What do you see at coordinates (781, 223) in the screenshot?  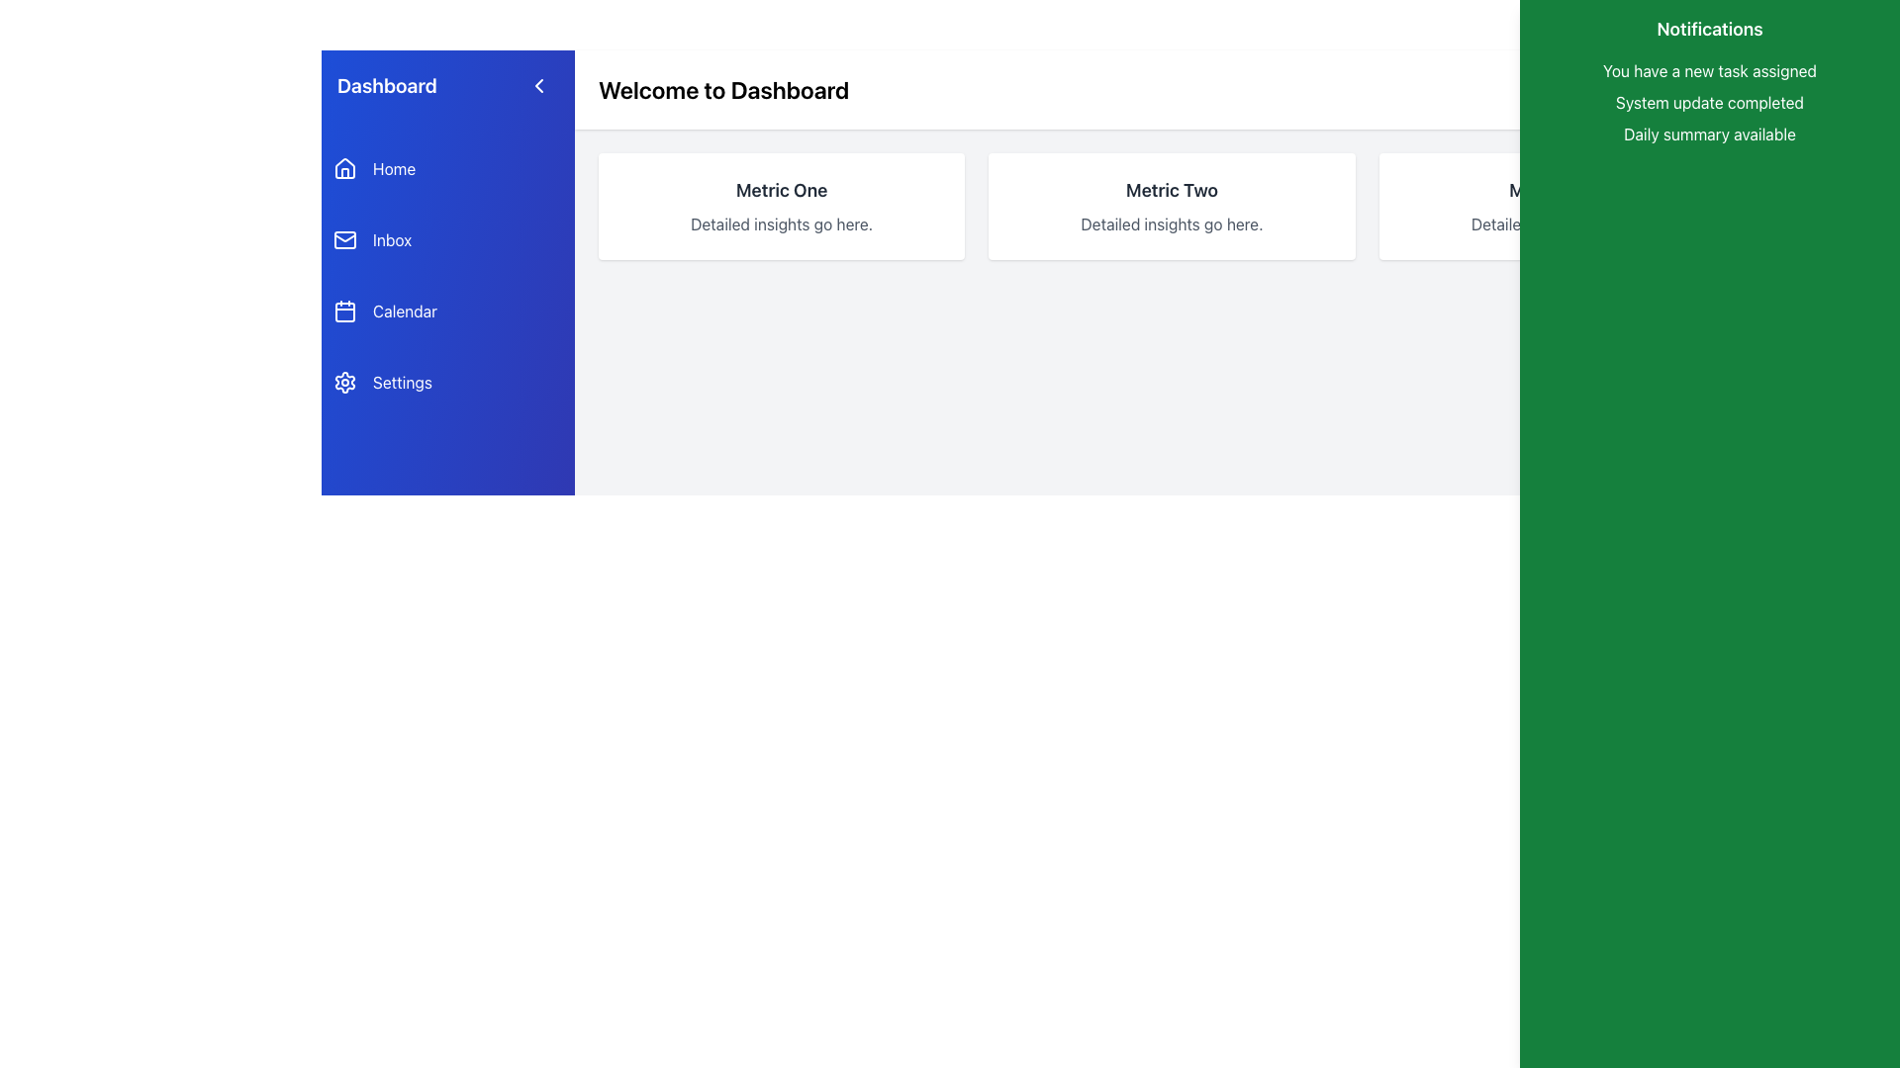 I see `the text label reading 'Detailed insights go here.' which is styled in gray font and located below the bold black heading 'Metric One'` at bounding box center [781, 223].